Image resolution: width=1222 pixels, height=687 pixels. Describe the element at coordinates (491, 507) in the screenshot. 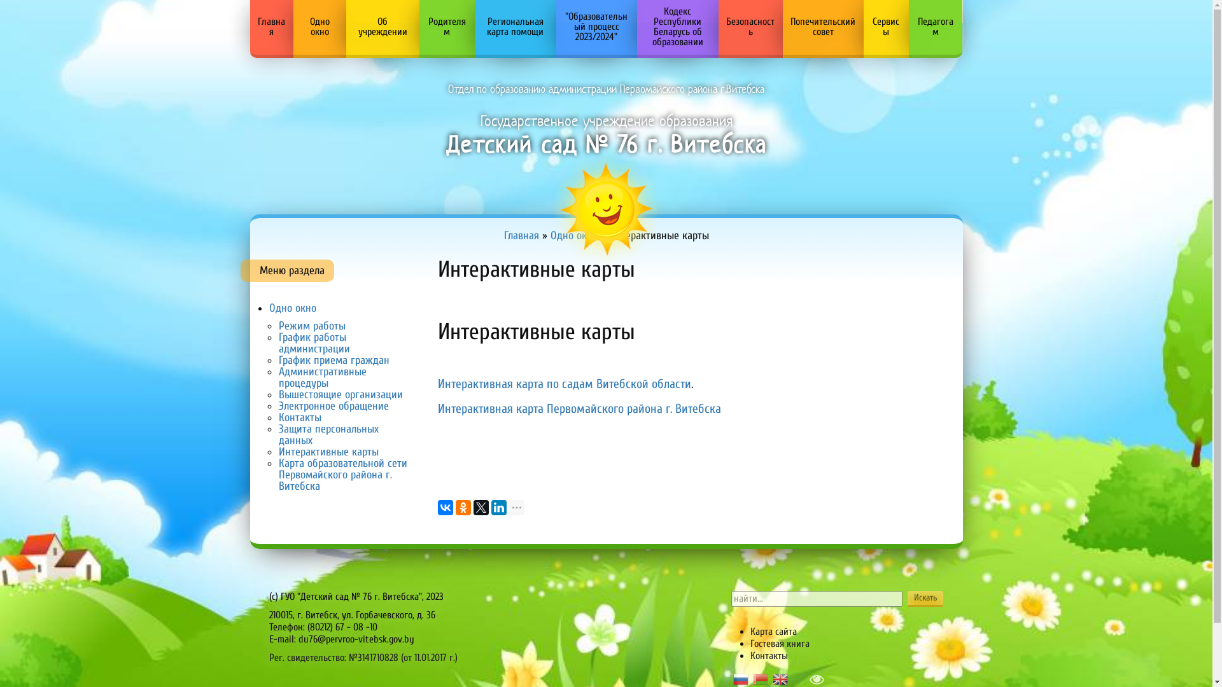

I see `'LinkedIn'` at that location.